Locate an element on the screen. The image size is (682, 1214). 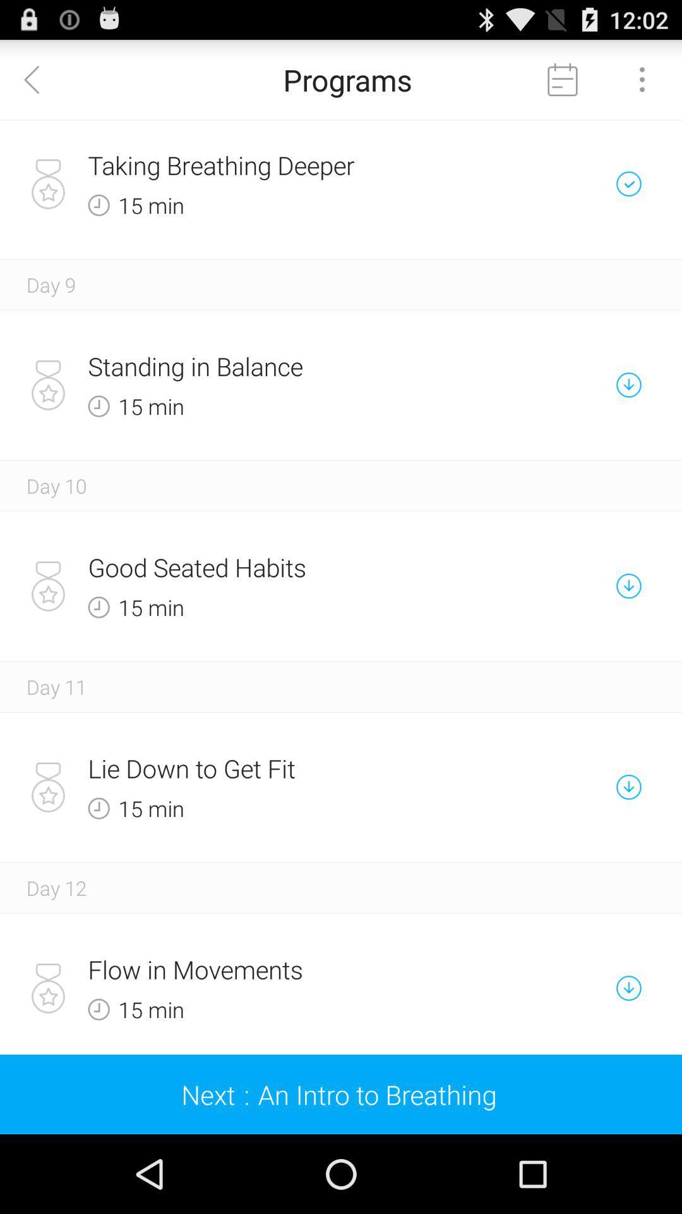
day 11 item is located at coordinates (56, 686).